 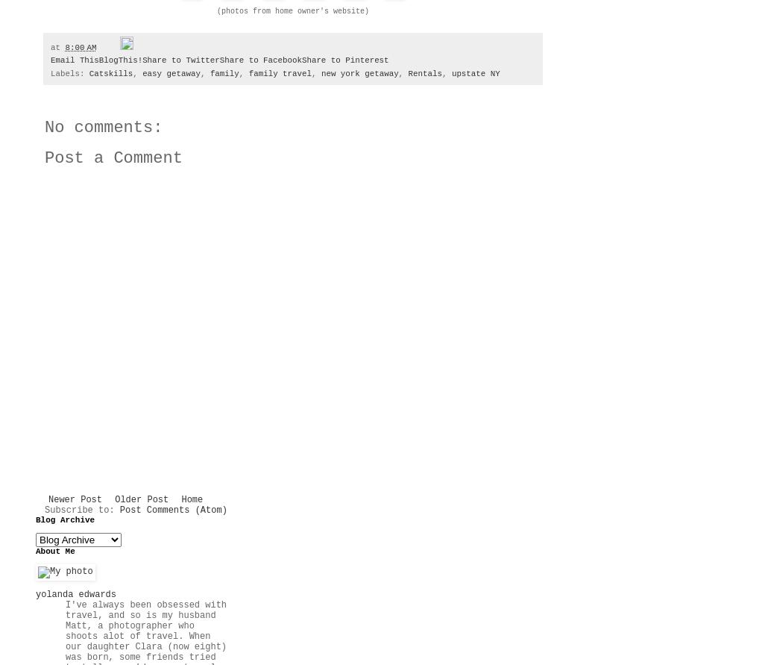 What do you see at coordinates (54, 551) in the screenshot?
I see `'About Me'` at bounding box center [54, 551].